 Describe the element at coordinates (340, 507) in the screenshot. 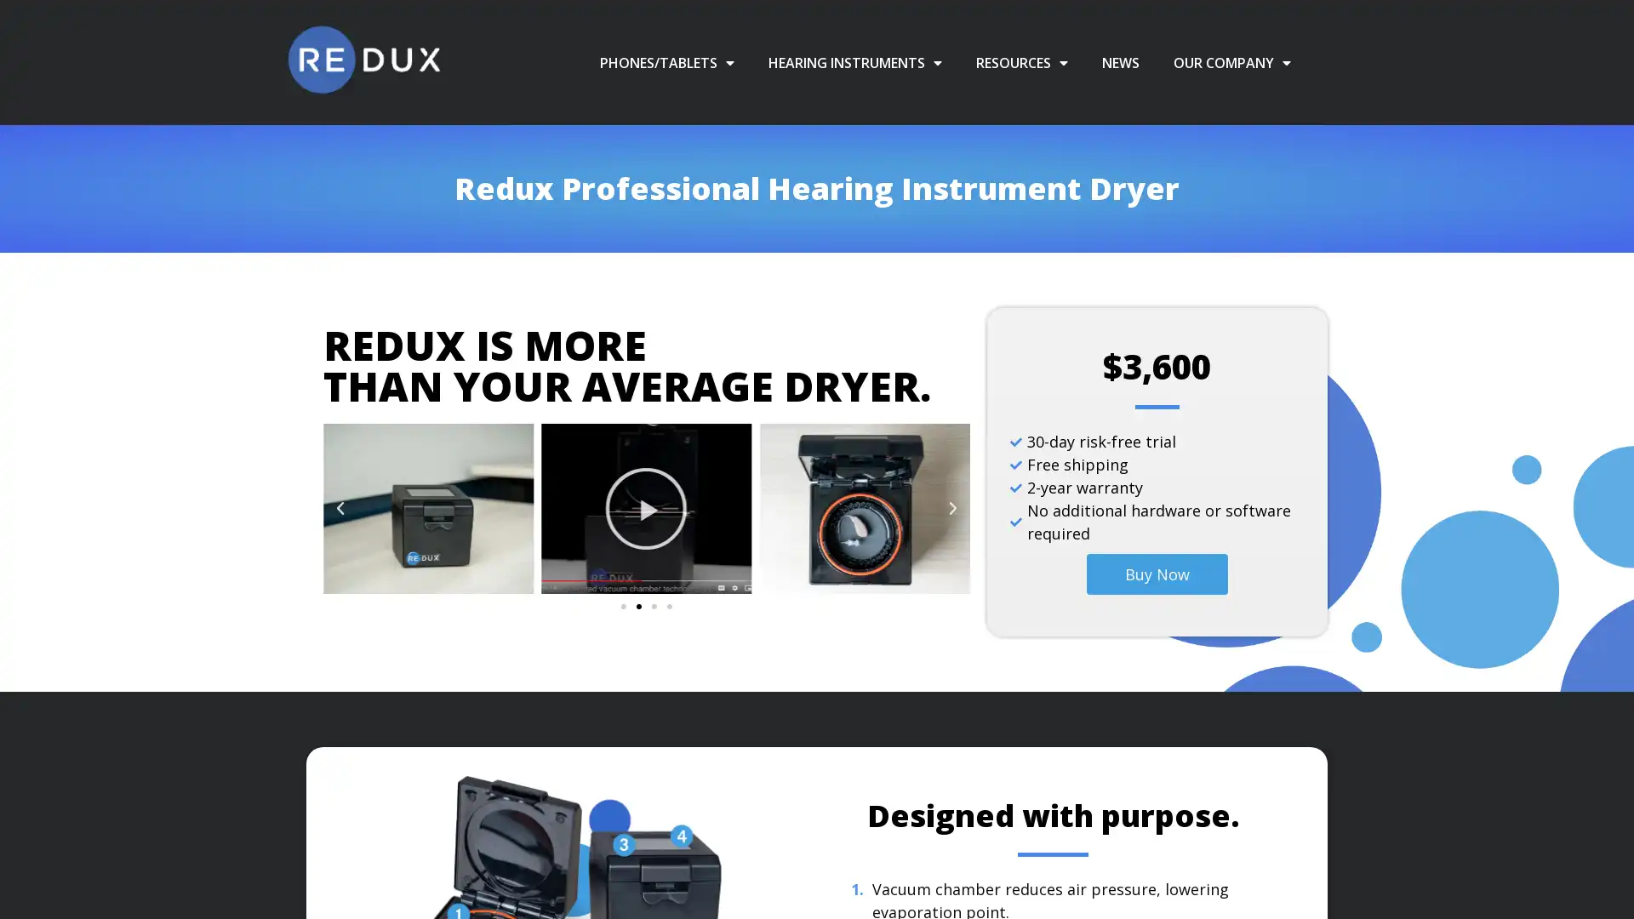

I see `Previous slide` at that location.